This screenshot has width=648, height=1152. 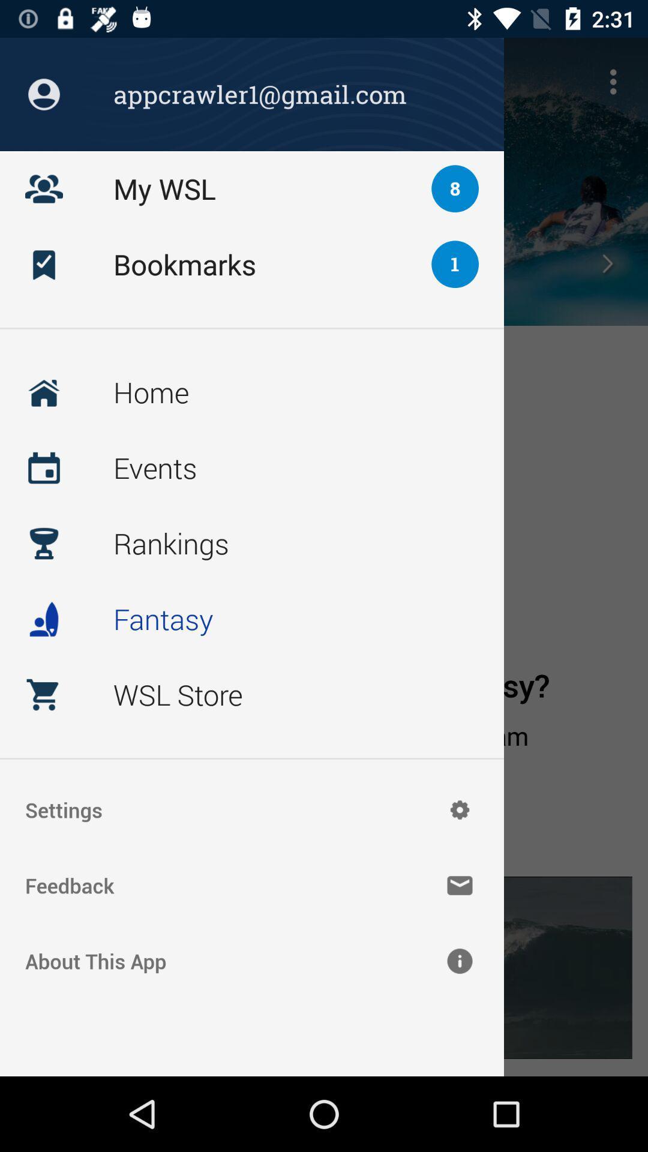 What do you see at coordinates (43, 263) in the screenshot?
I see `the volume icon` at bounding box center [43, 263].